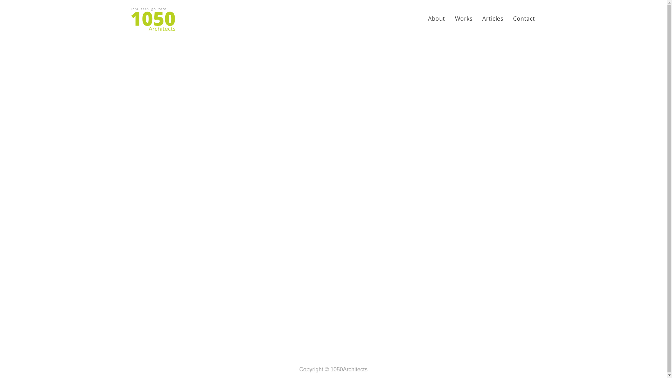  What do you see at coordinates (480, 19) in the screenshot?
I see `'Articles'` at bounding box center [480, 19].